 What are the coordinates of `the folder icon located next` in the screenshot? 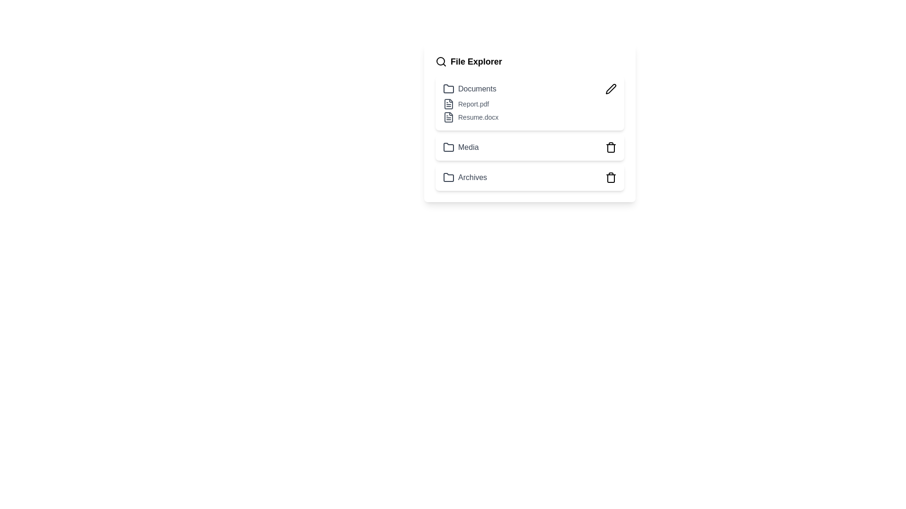 It's located at (448, 147).